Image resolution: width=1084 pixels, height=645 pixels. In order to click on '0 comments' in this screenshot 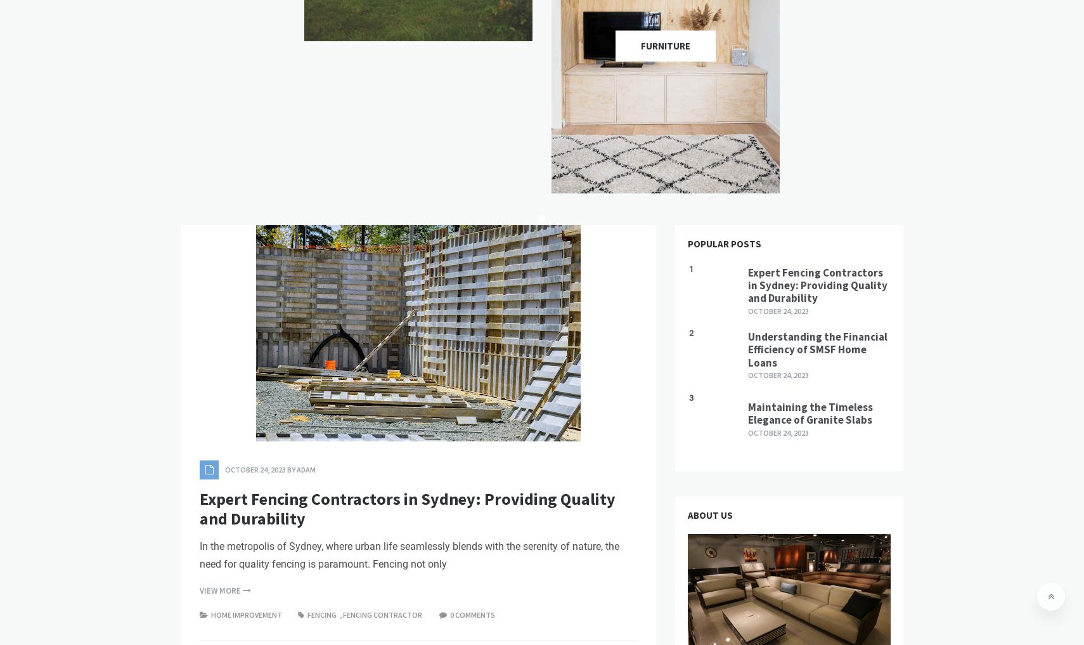, I will do `click(449, 614)`.